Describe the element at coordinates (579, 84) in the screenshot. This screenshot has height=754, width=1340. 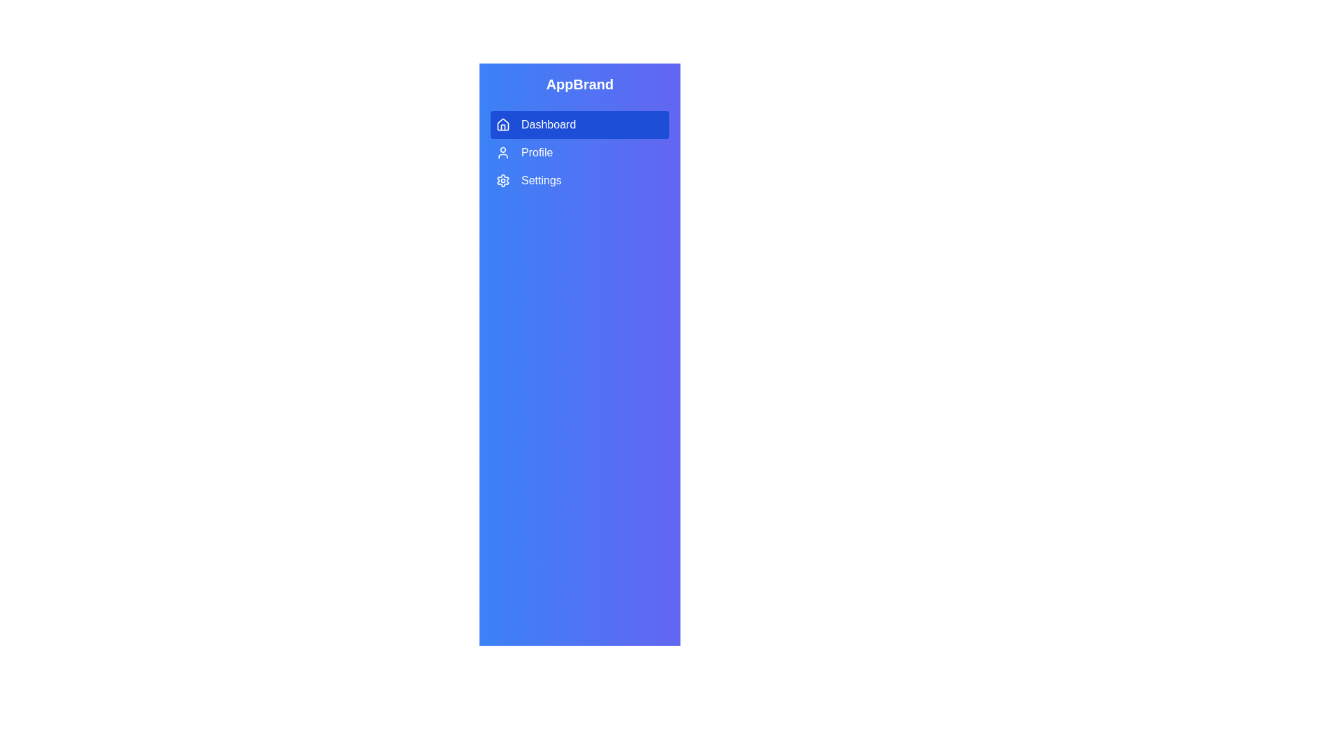
I see `the 'AppBrand' text label, which is styled in extra-large bold white font at the top of the sidebar with a blue to purple gradient background` at that location.